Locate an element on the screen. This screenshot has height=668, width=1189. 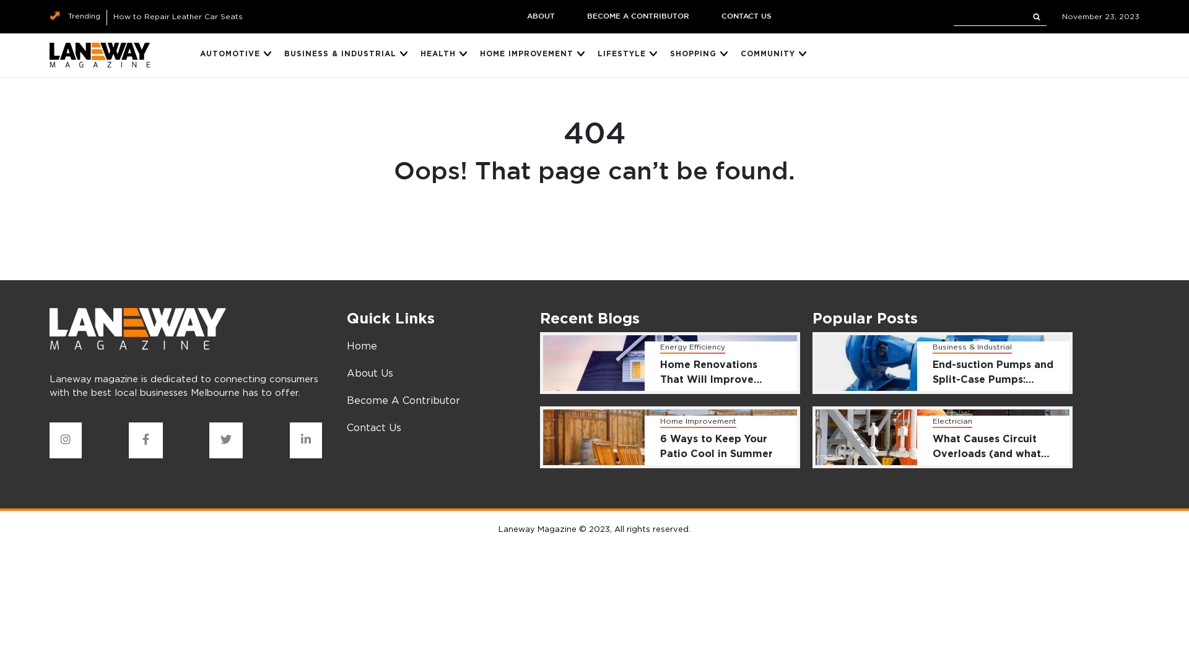
'About Us' is located at coordinates (369, 372).